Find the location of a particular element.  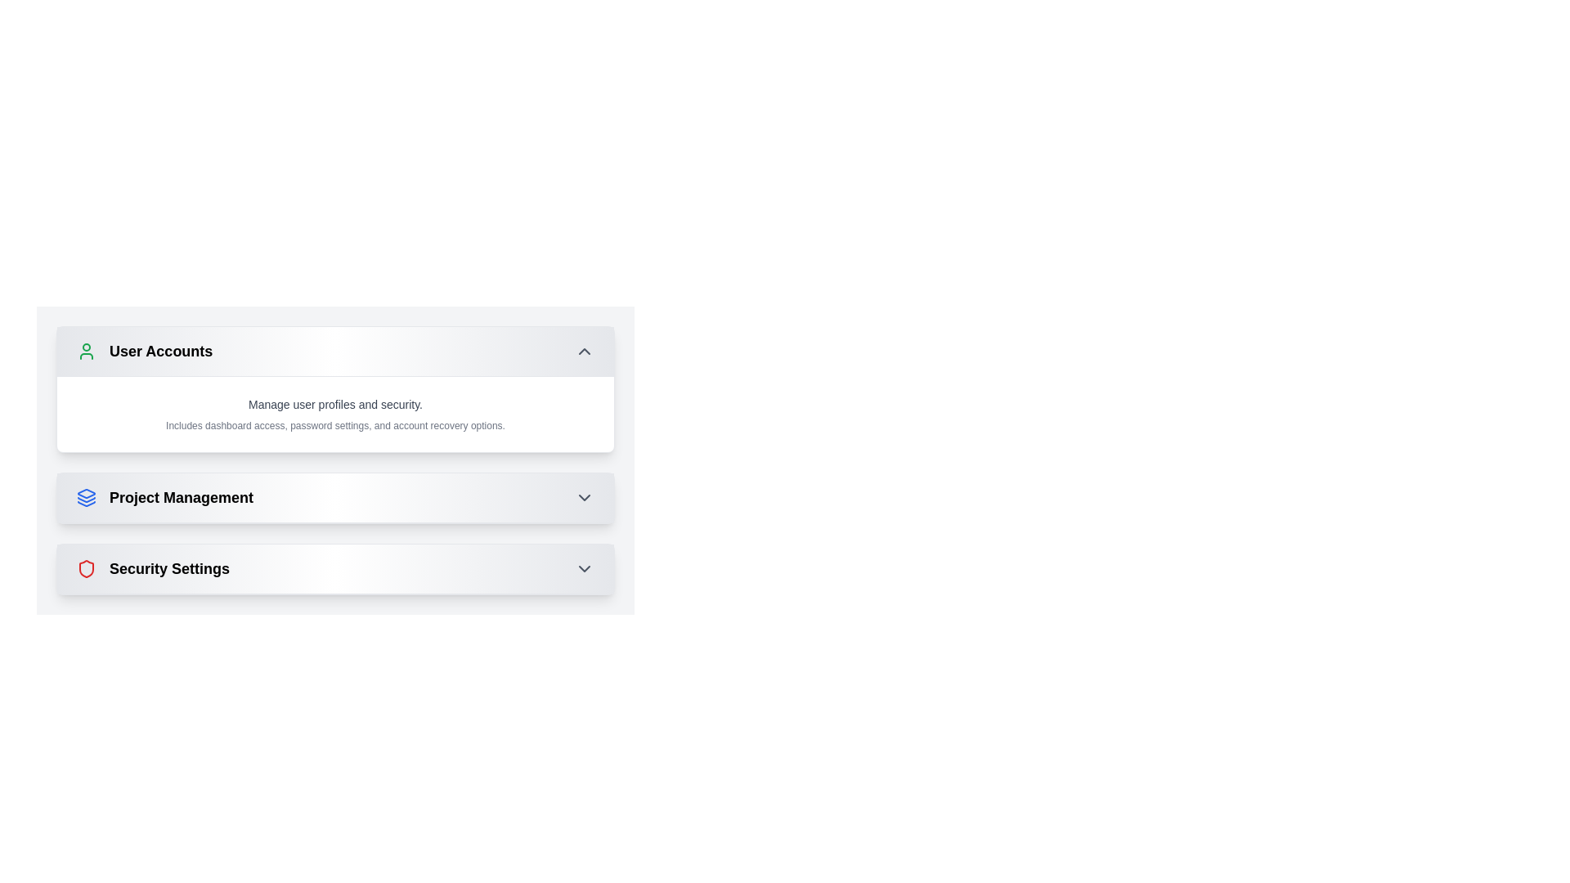

the chevron icon in the header of the 'Project Management' section is located at coordinates (585, 497).